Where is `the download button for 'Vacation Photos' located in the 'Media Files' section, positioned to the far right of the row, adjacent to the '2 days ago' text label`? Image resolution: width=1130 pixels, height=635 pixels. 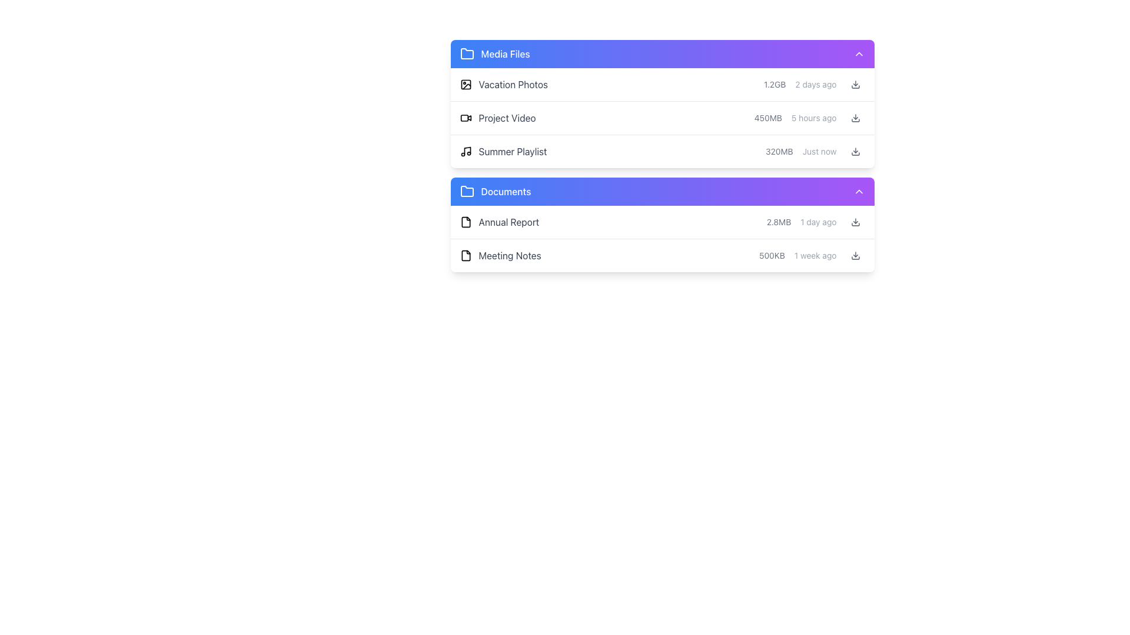 the download button for 'Vacation Photos' located in the 'Media Files' section, positioned to the far right of the row, adjacent to the '2 days ago' text label is located at coordinates (855, 83).